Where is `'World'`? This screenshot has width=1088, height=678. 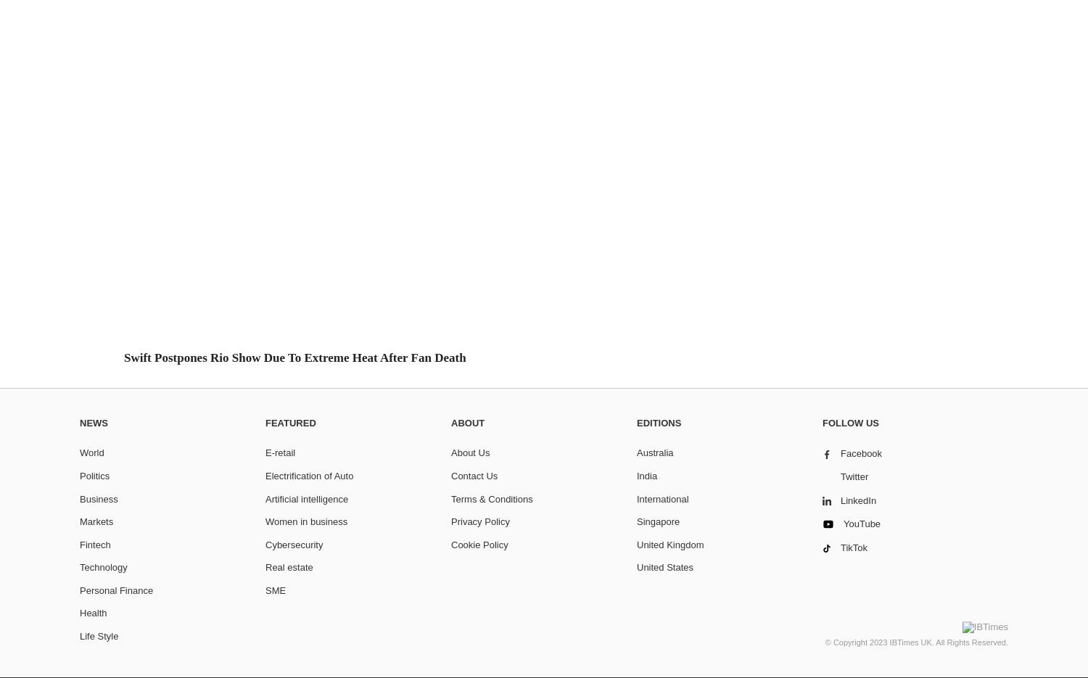
'World' is located at coordinates (91, 452).